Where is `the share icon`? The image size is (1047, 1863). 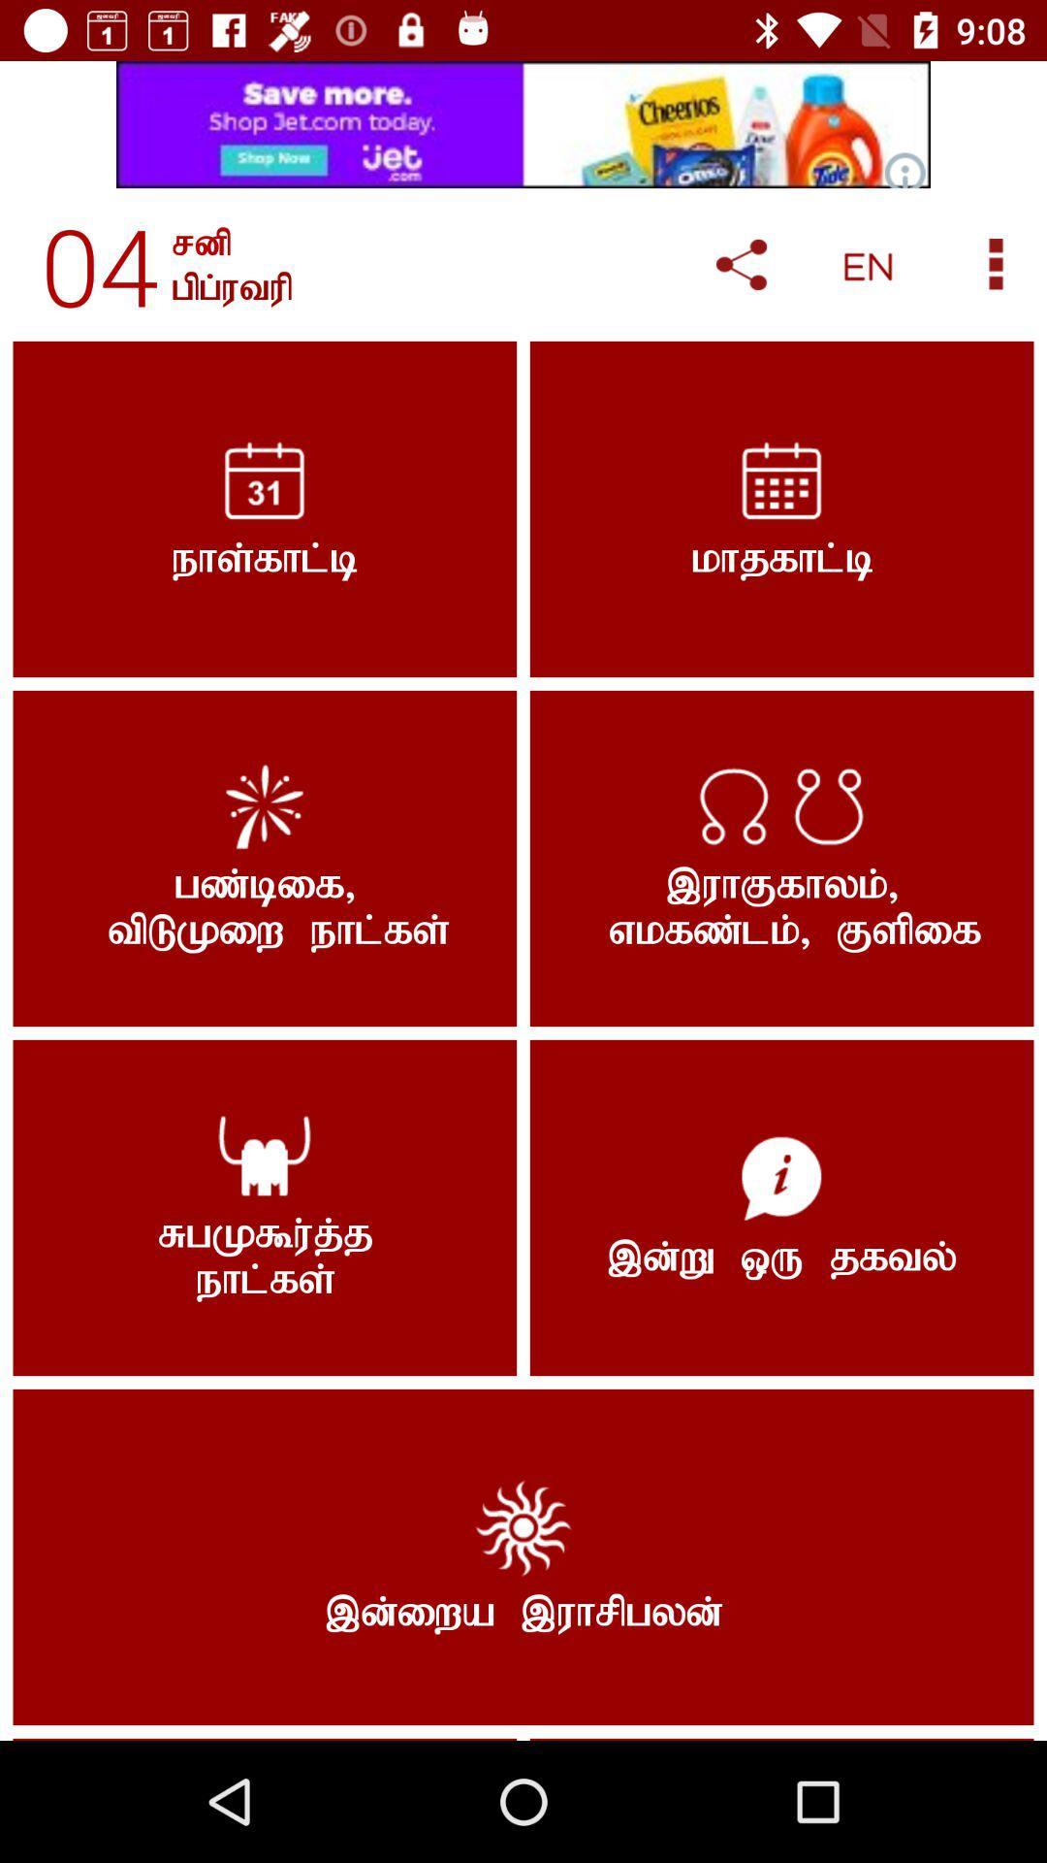 the share icon is located at coordinates (741, 264).